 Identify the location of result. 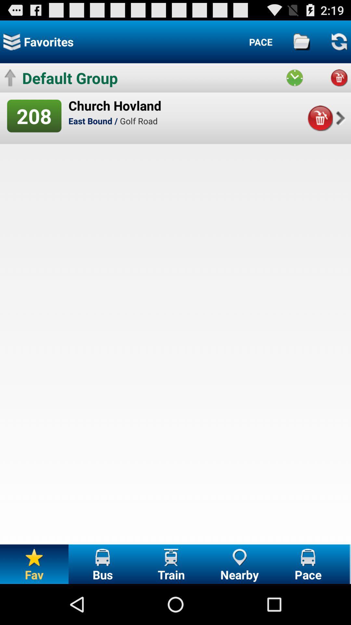
(301, 41).